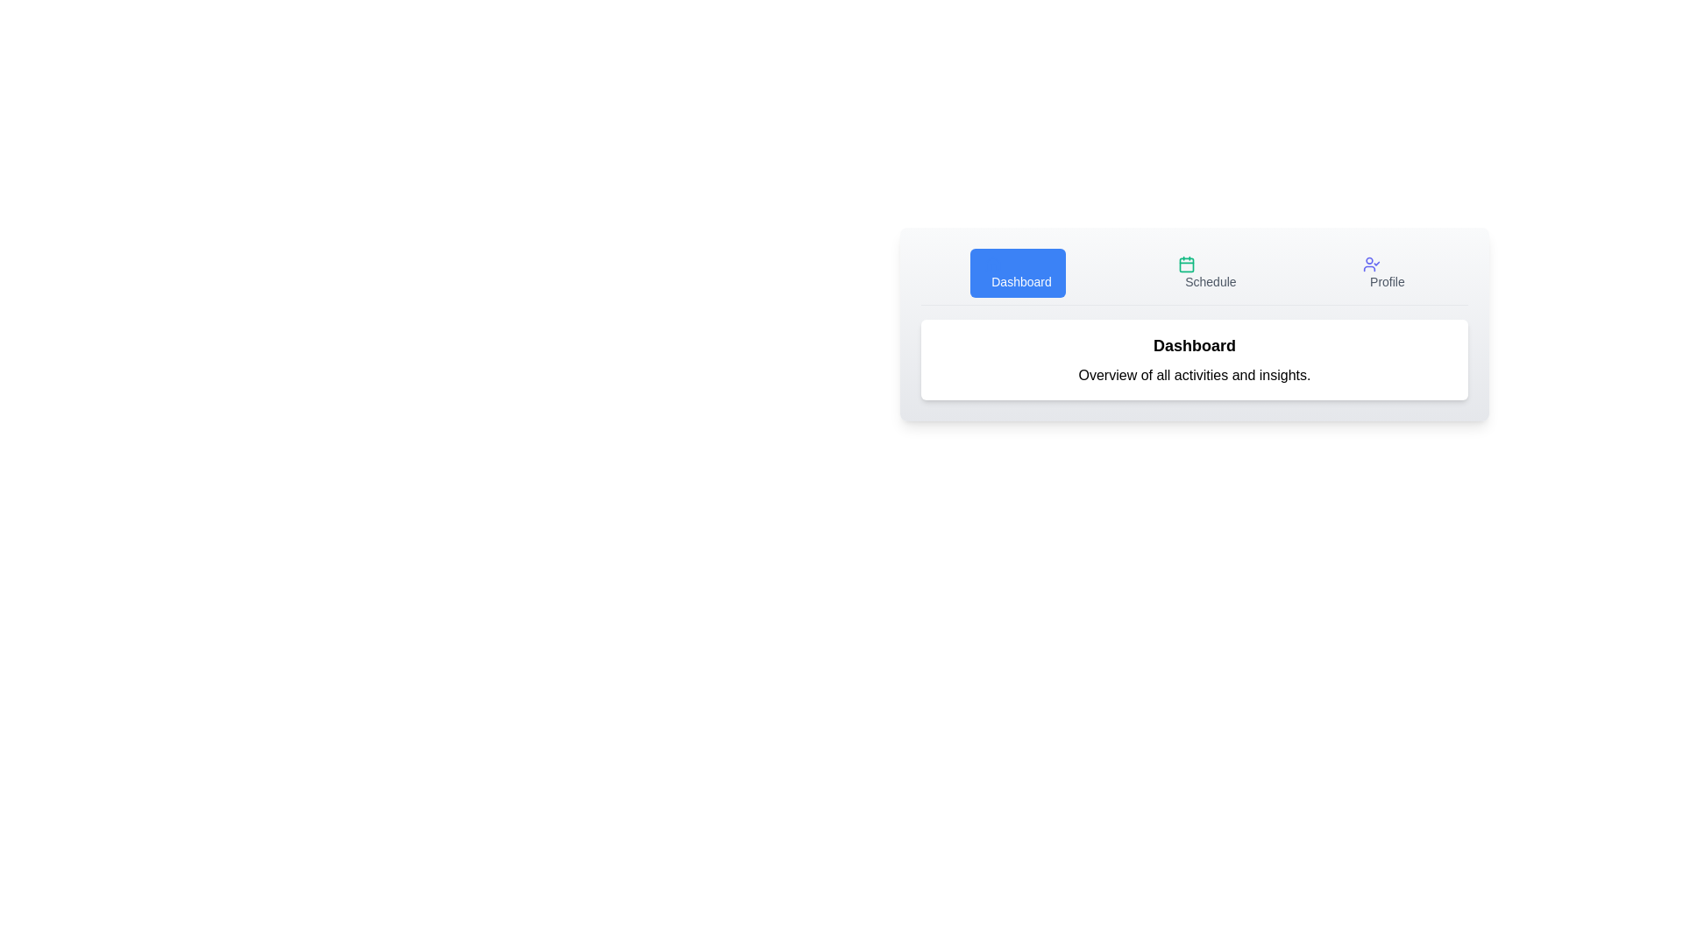 The height and width of the screenshot is (946, 1683). I want to click on the Schedule tab, so click(1206, 273).